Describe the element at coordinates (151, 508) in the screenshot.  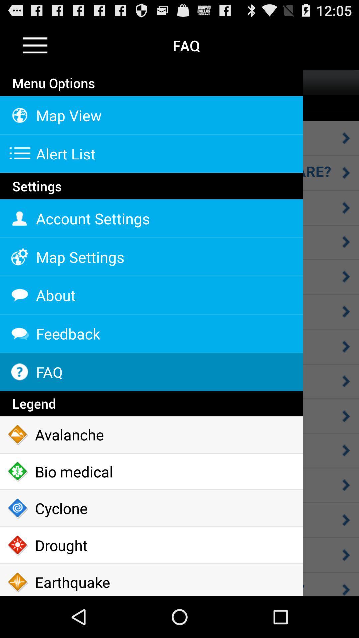
I see `icon above the drought icon` at that location.